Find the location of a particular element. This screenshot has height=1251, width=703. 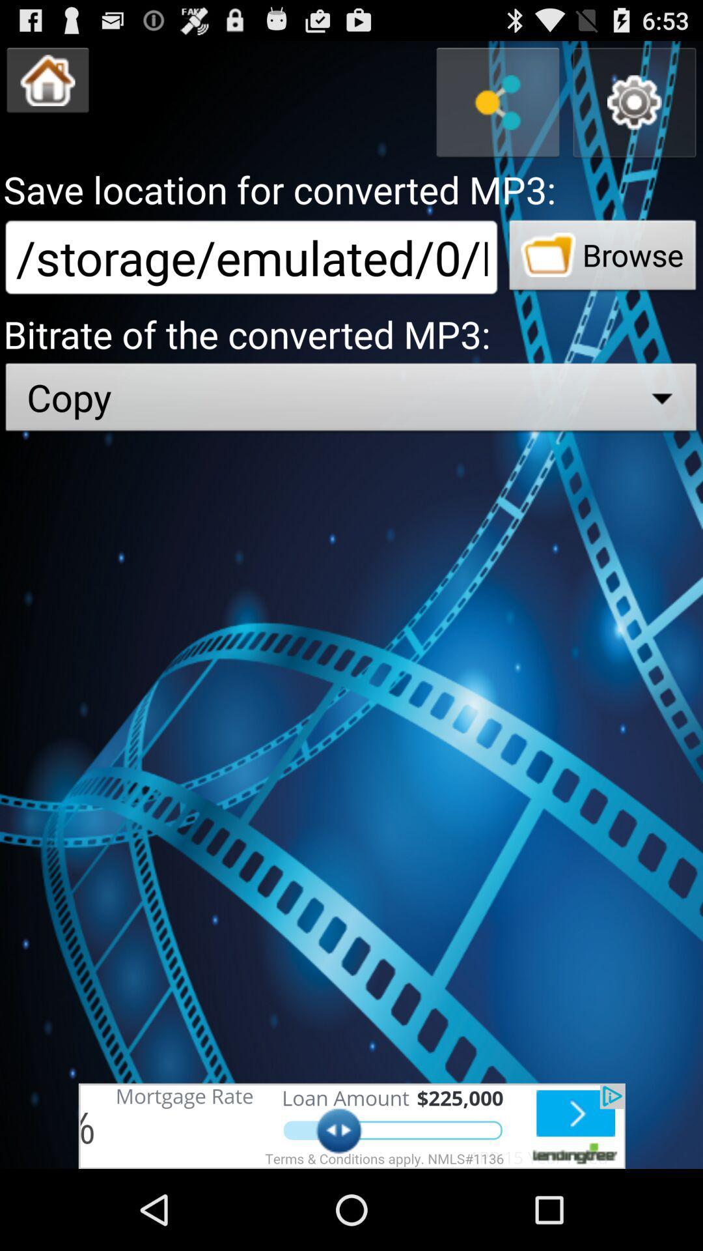

the share icon is located at coordinates (497, 109).